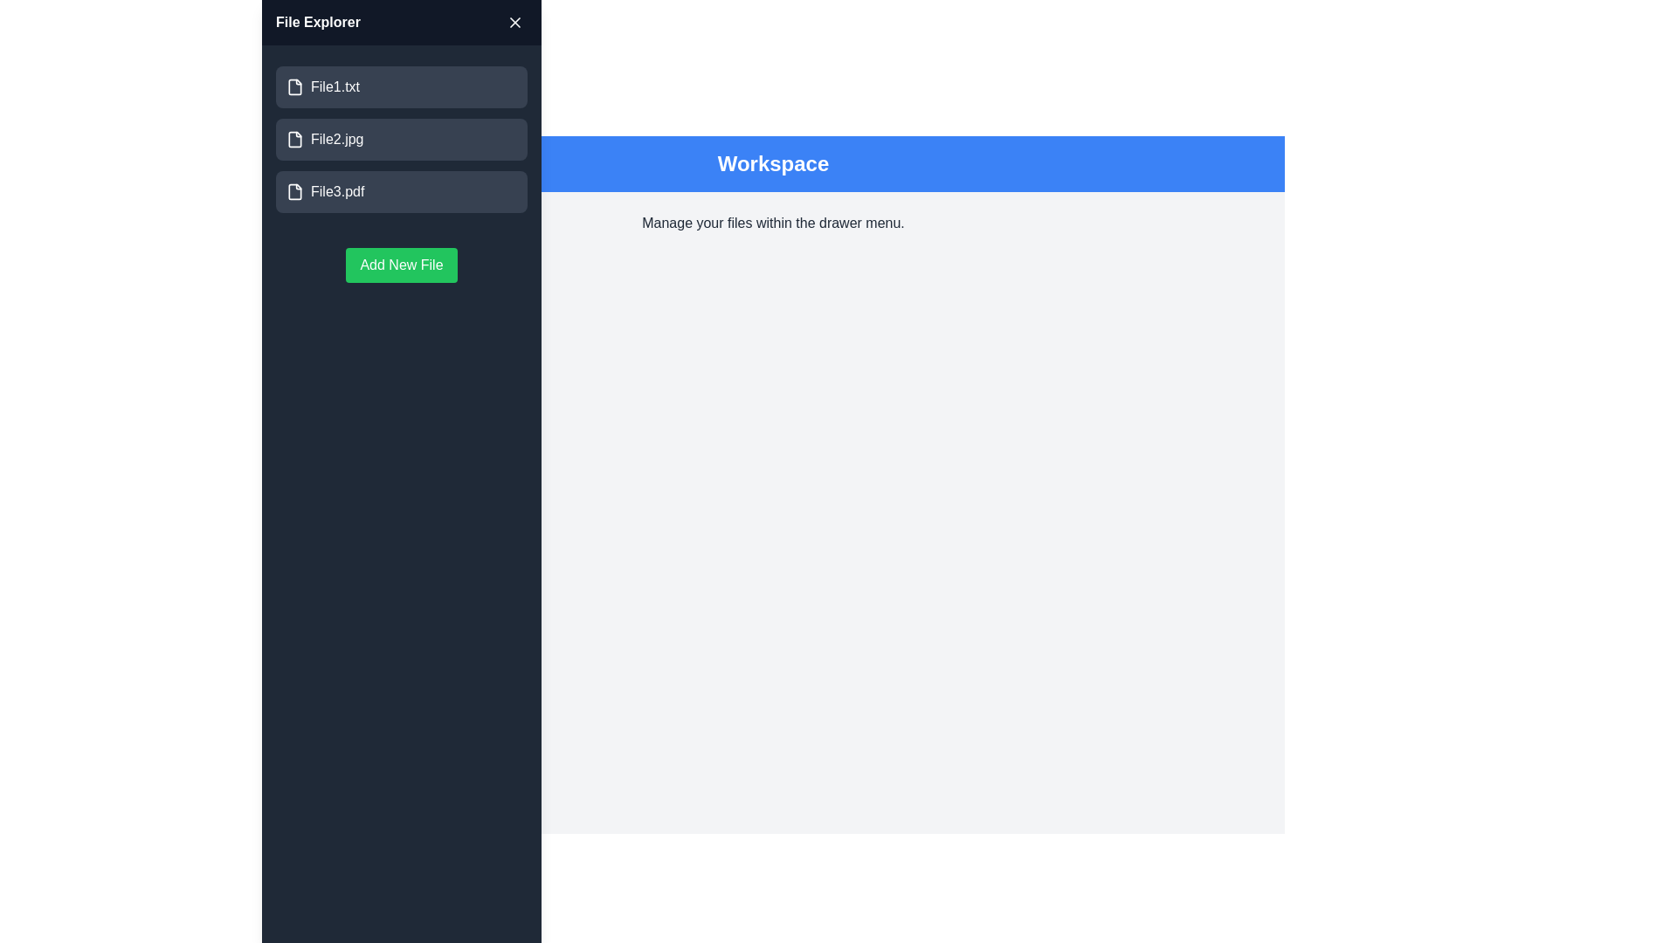 The width and height of the screenshot is (1677, 943). What do you see at coordinates (514, 23) in the screenshot?
I see `the close button to toggle the drawer's visibility` at bounding box center [514, 23].